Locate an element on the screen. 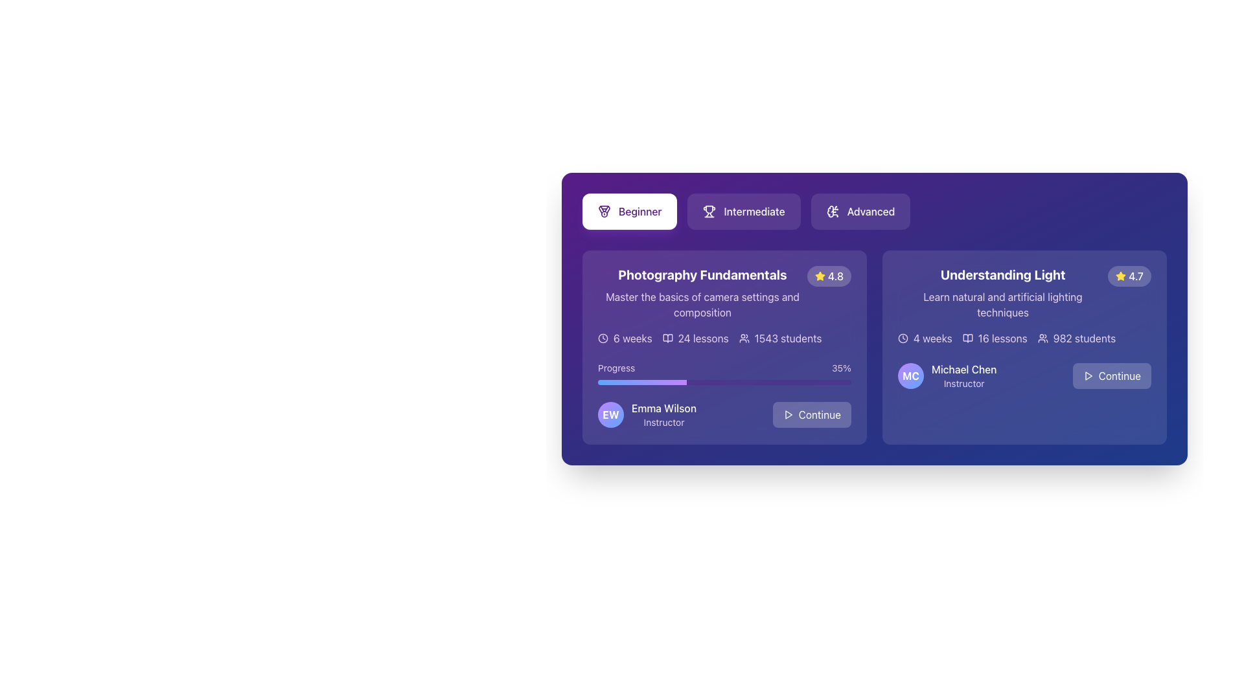  the trophy cup graphic element located in the upper section of the card-like component, serving a decorative or symbolic function is located at coordinates (709, 209).